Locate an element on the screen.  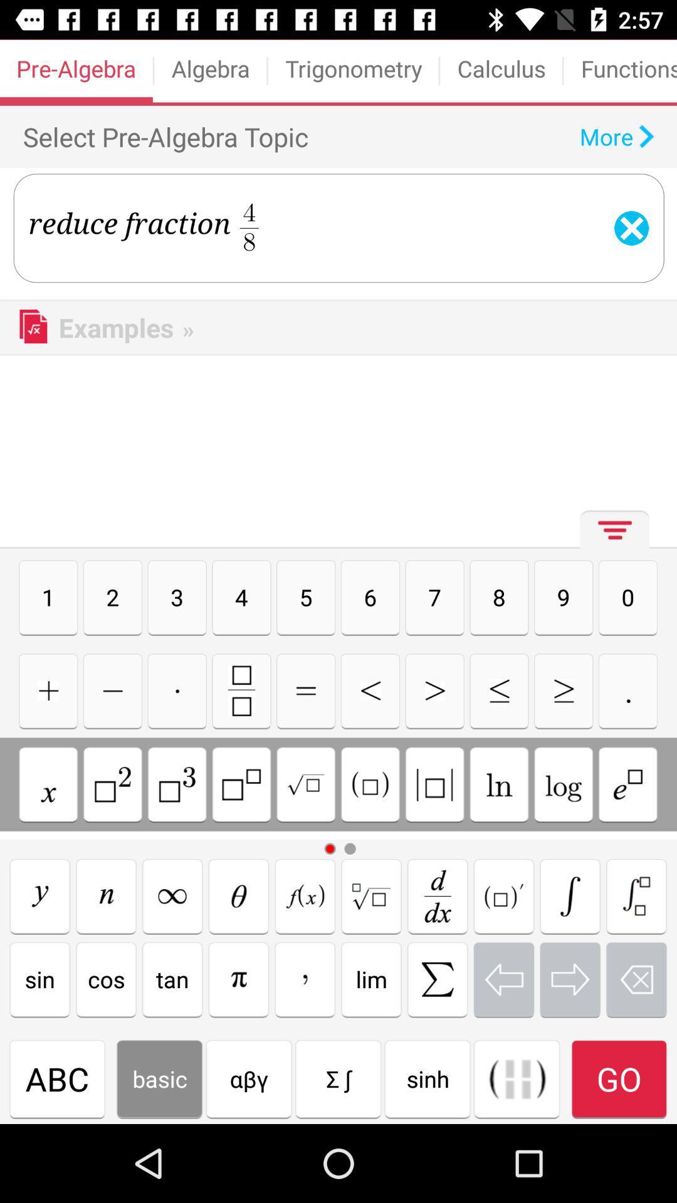
move selector back one space is located at coordinates (503, 979).